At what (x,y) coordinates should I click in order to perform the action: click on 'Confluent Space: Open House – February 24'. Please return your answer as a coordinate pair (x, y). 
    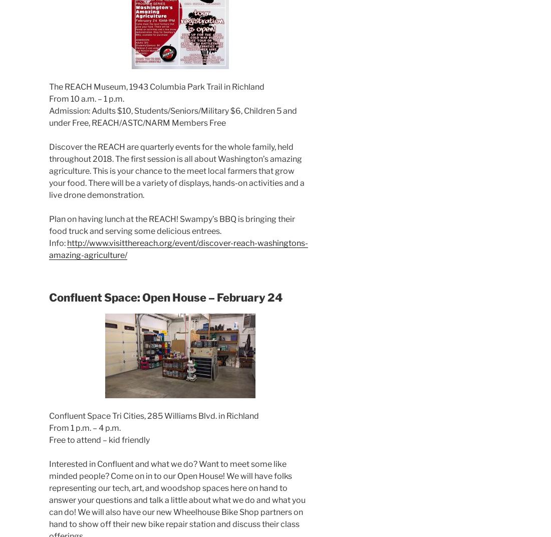
    Looking at the image, I should click on (165, 297).